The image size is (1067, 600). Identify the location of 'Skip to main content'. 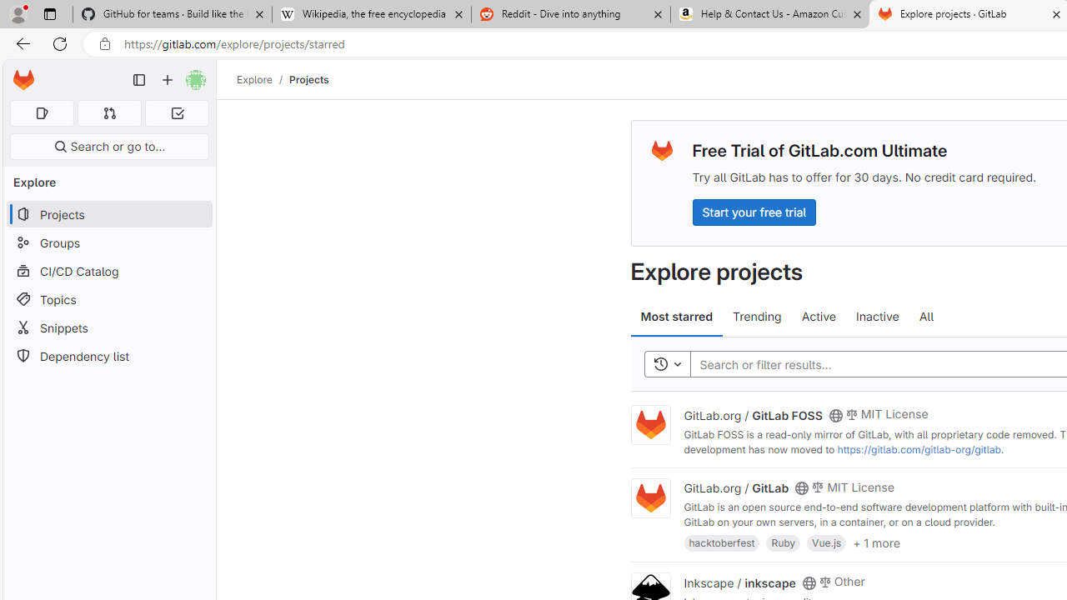
(19, 72).